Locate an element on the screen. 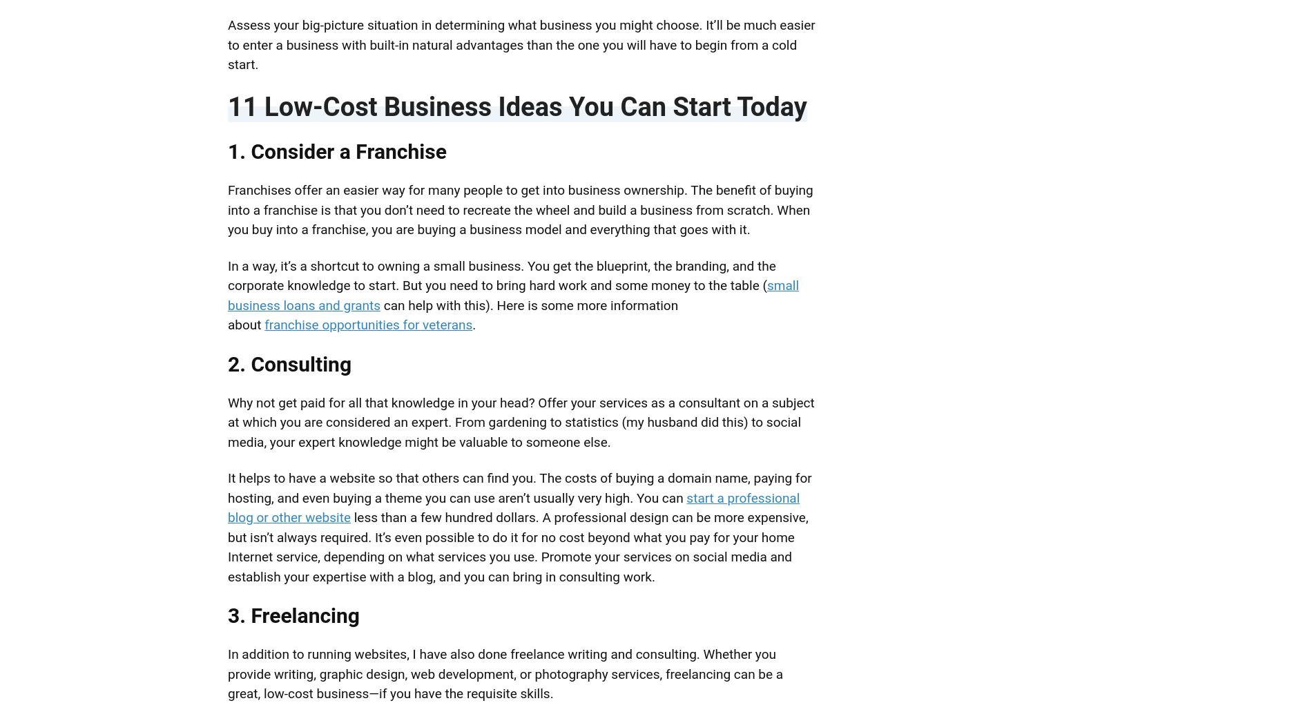 Image resolution: width=1312 pixels, height=703 pixels. 'In a way, it’s a shortcut to owning a small business. You get the blueprint, the branding, and the corporate knowledge to start. But you need to bring hard work and some money to the table (' is located at coordinates (227, 275).